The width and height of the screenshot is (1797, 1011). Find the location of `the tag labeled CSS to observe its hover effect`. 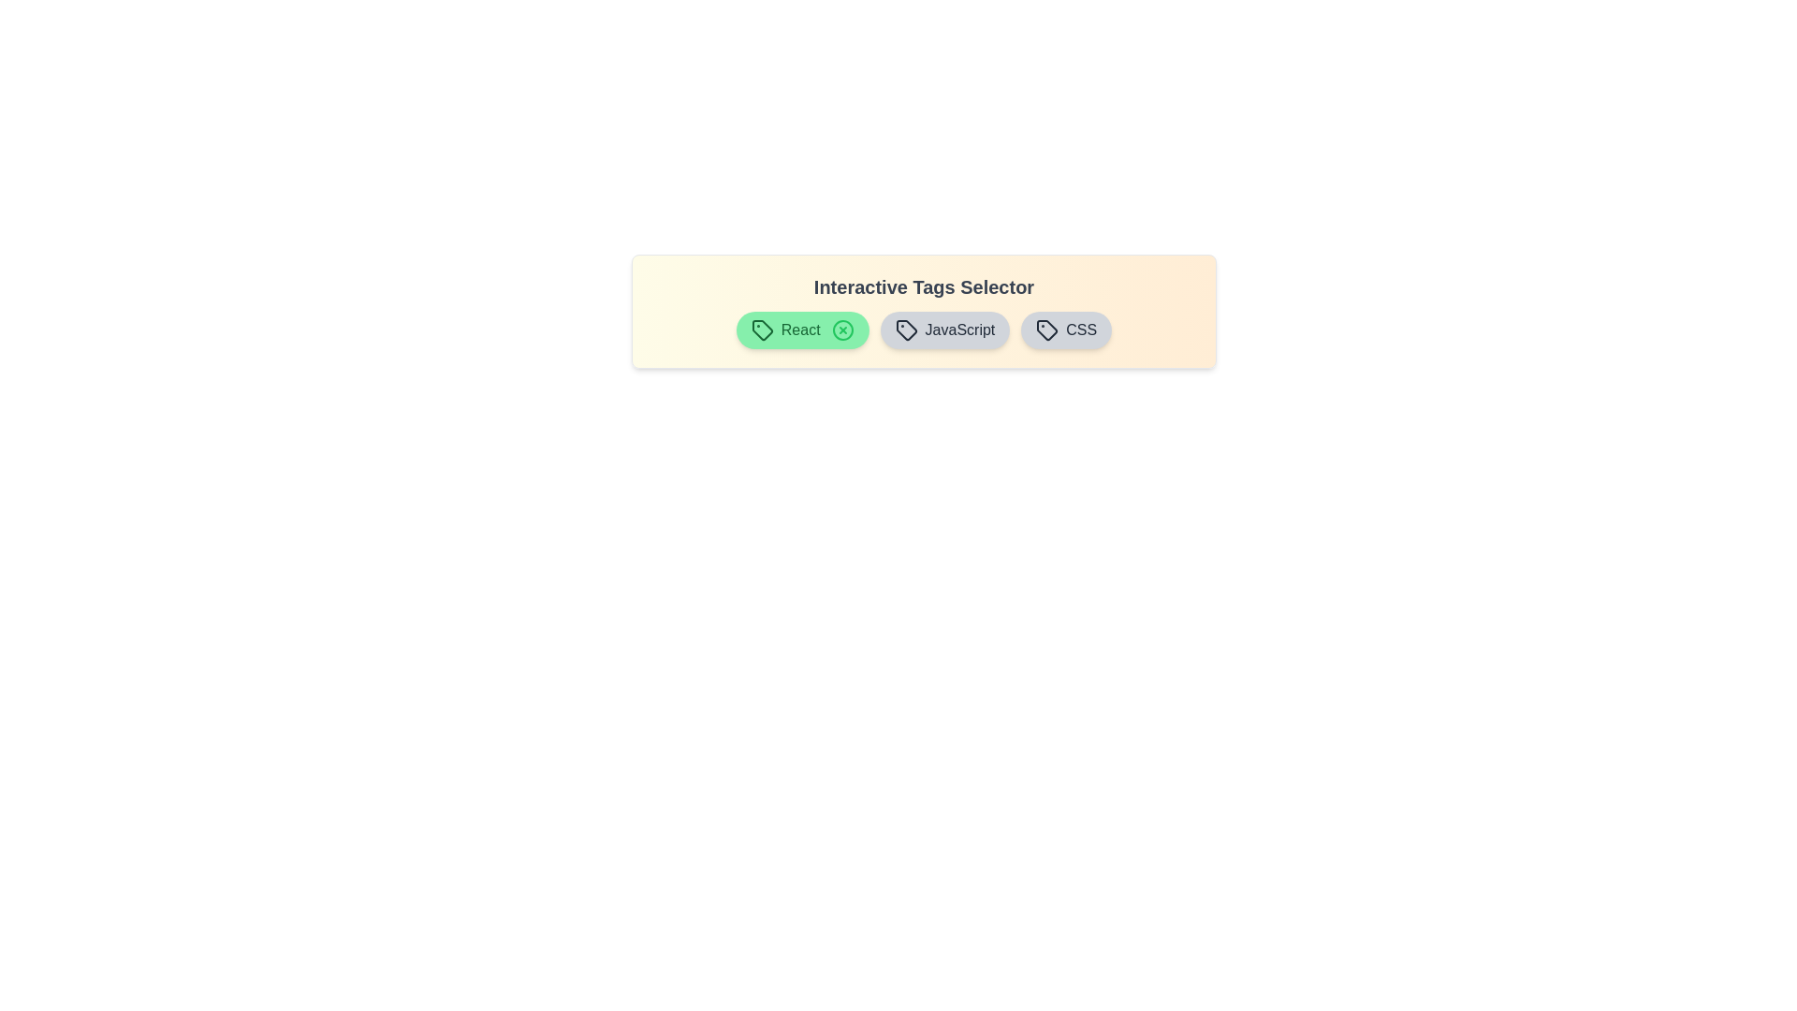

the tag labeled CSS to observe its hover effect is located at coordinates (1066, 330).